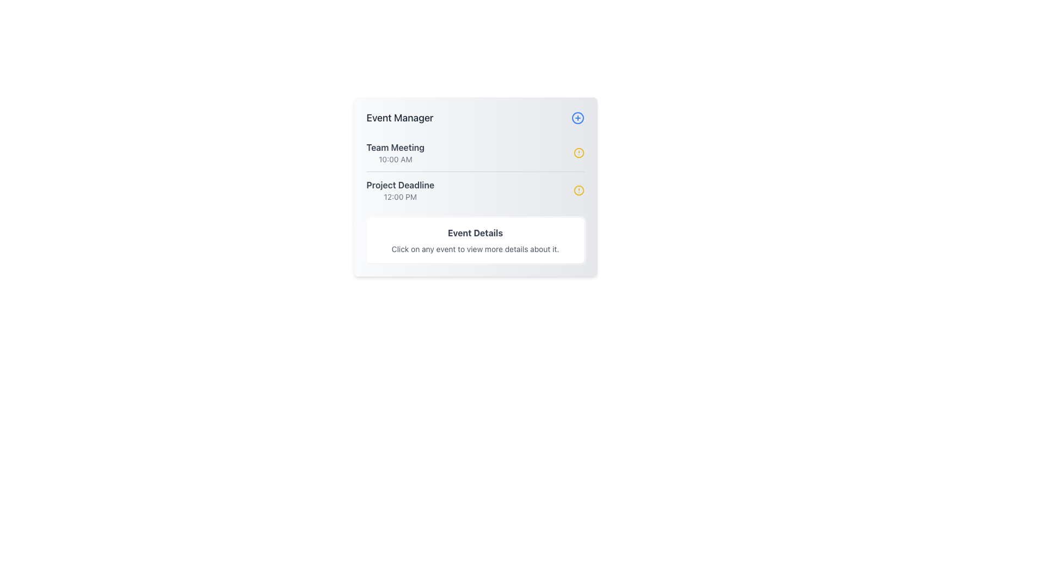 The height and width of the screenshot is (588, 1045). I want to click on the circular blue button with a plus symbol located in the top-right corner of the 'Event Manager' header, so click(577, 118).